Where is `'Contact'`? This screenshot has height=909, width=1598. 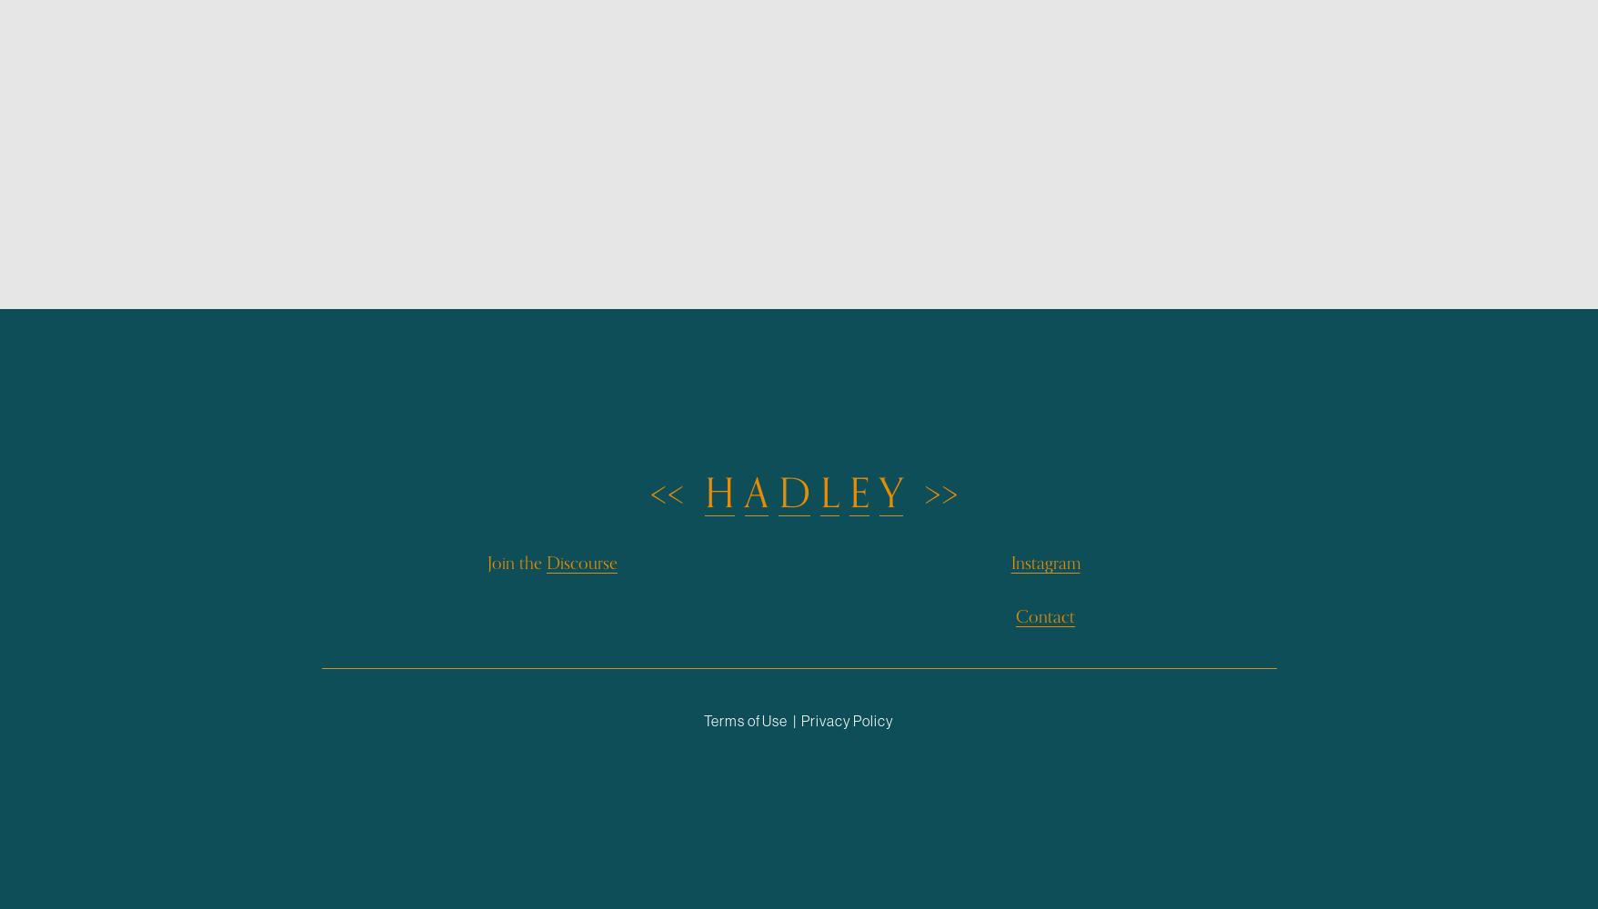 'Contact' is located at coordinates (1044, 615).